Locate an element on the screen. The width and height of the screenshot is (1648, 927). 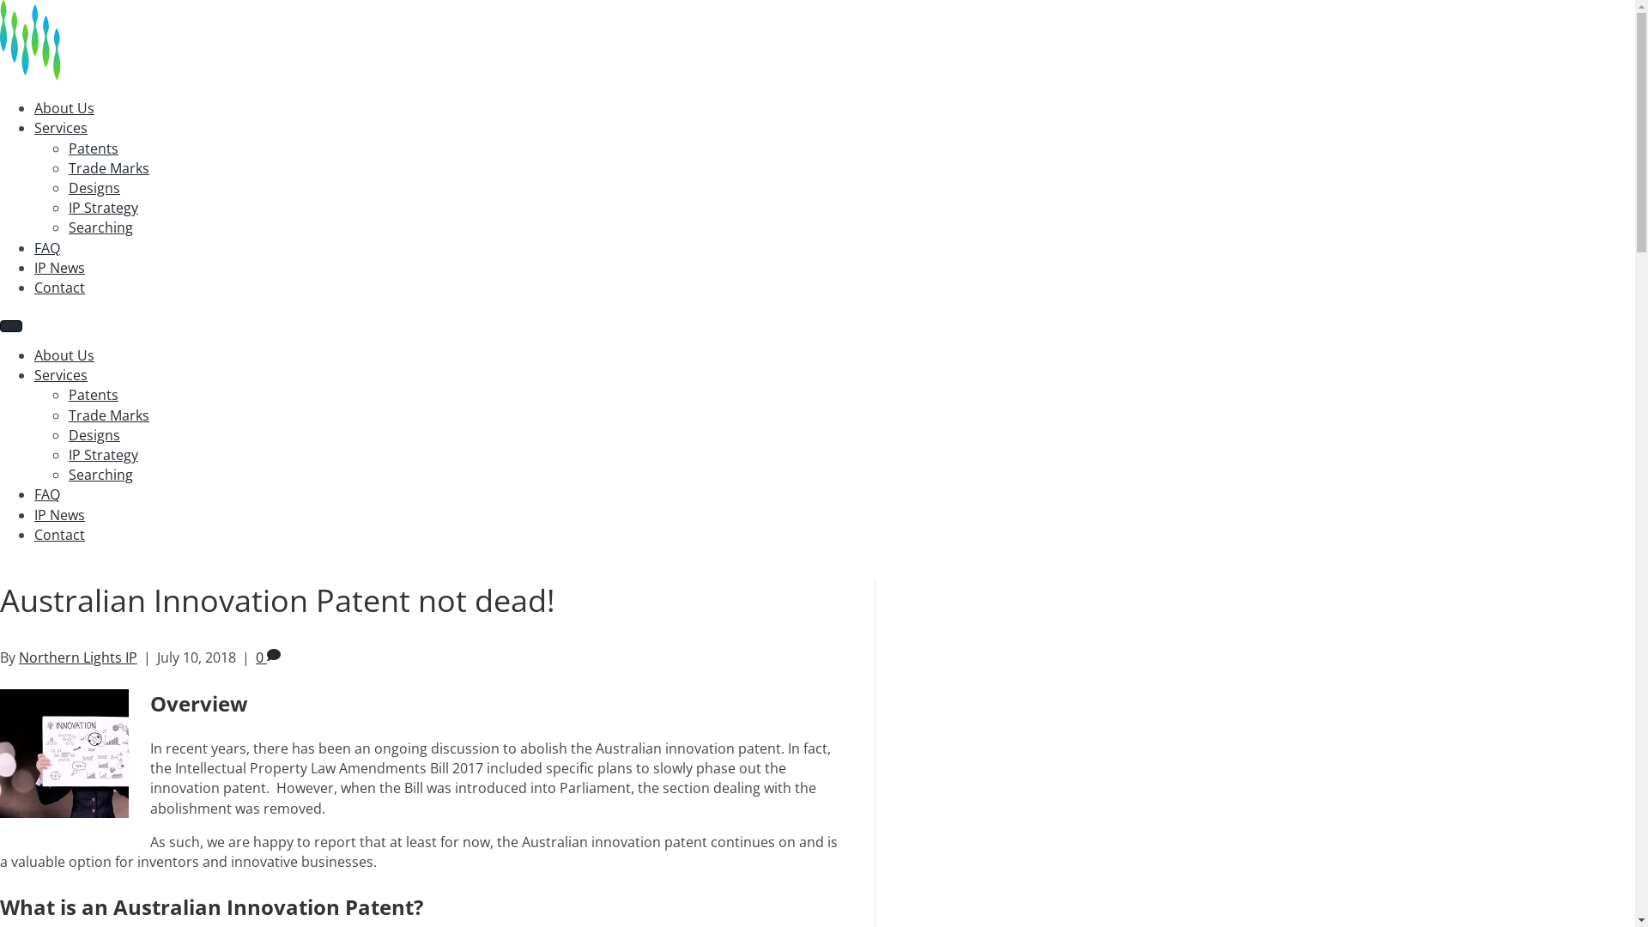
'IP News' is located at coordinates (33, 514).